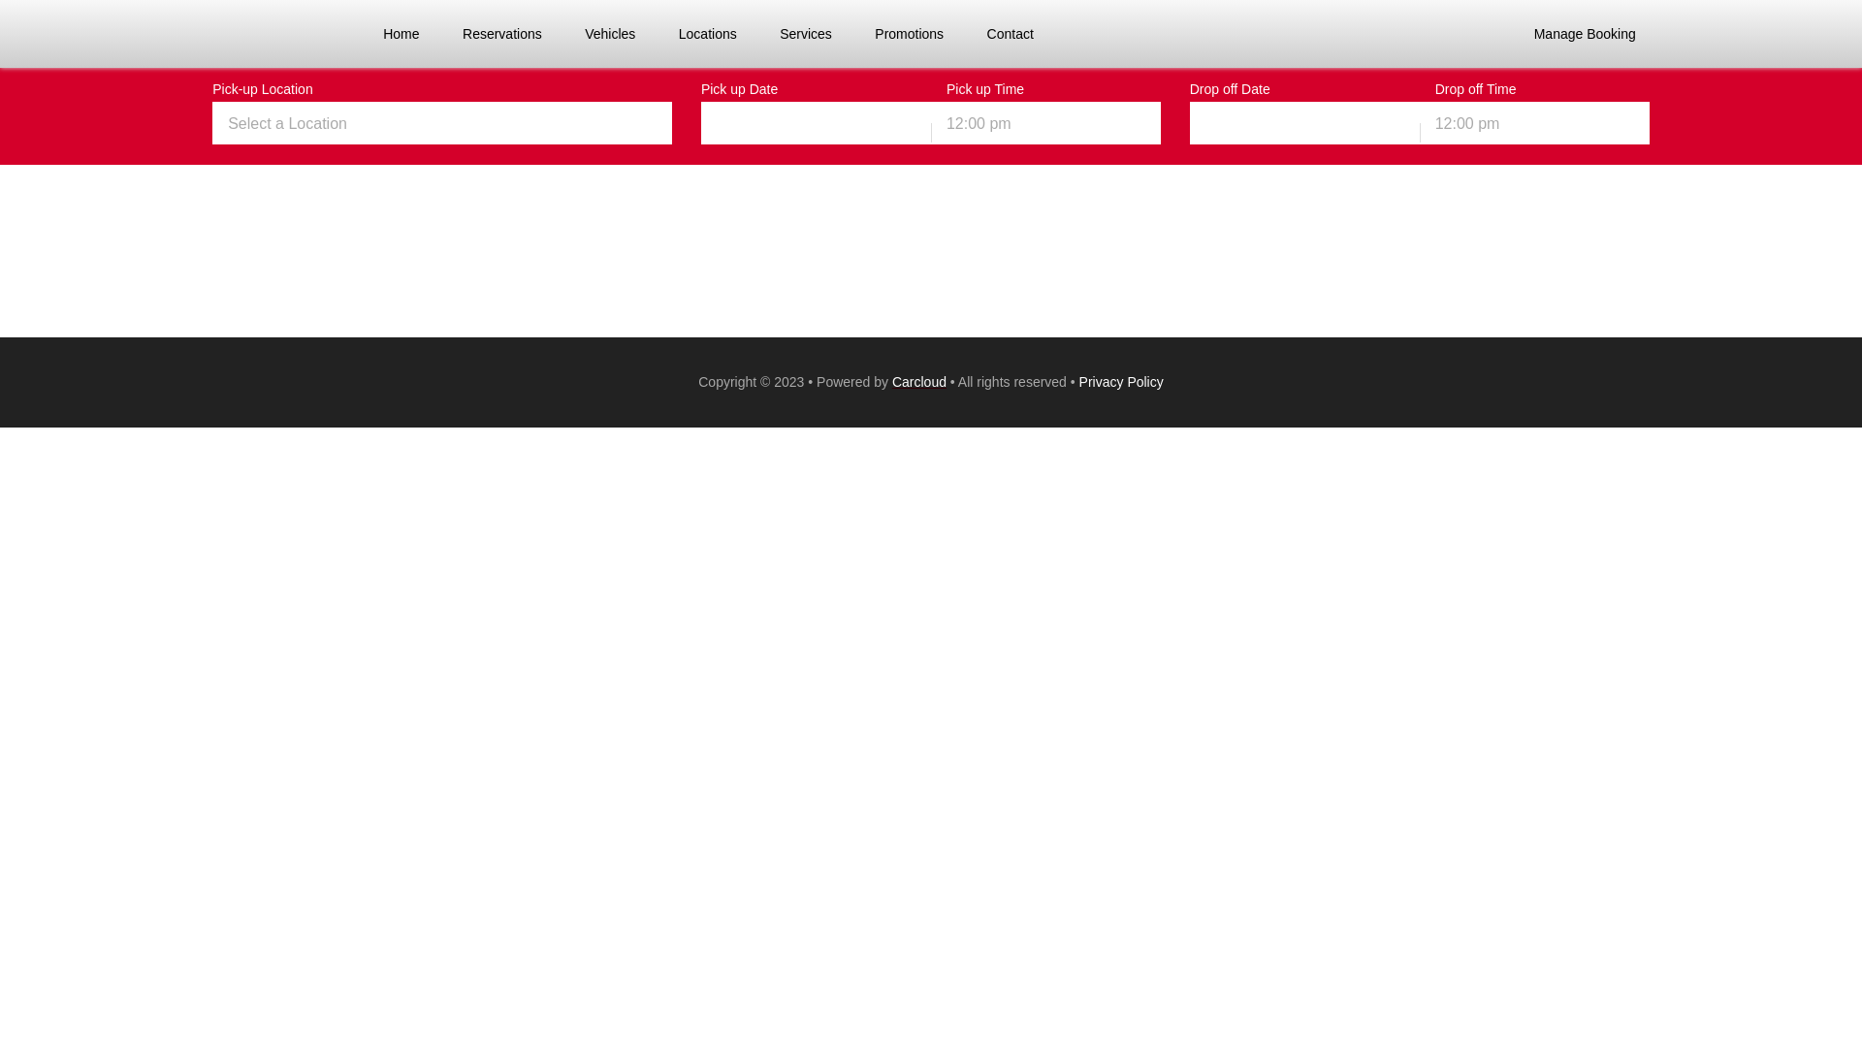 The image size is (1862, 1047). I want to click on 'Vehicles', so click(608, 33).